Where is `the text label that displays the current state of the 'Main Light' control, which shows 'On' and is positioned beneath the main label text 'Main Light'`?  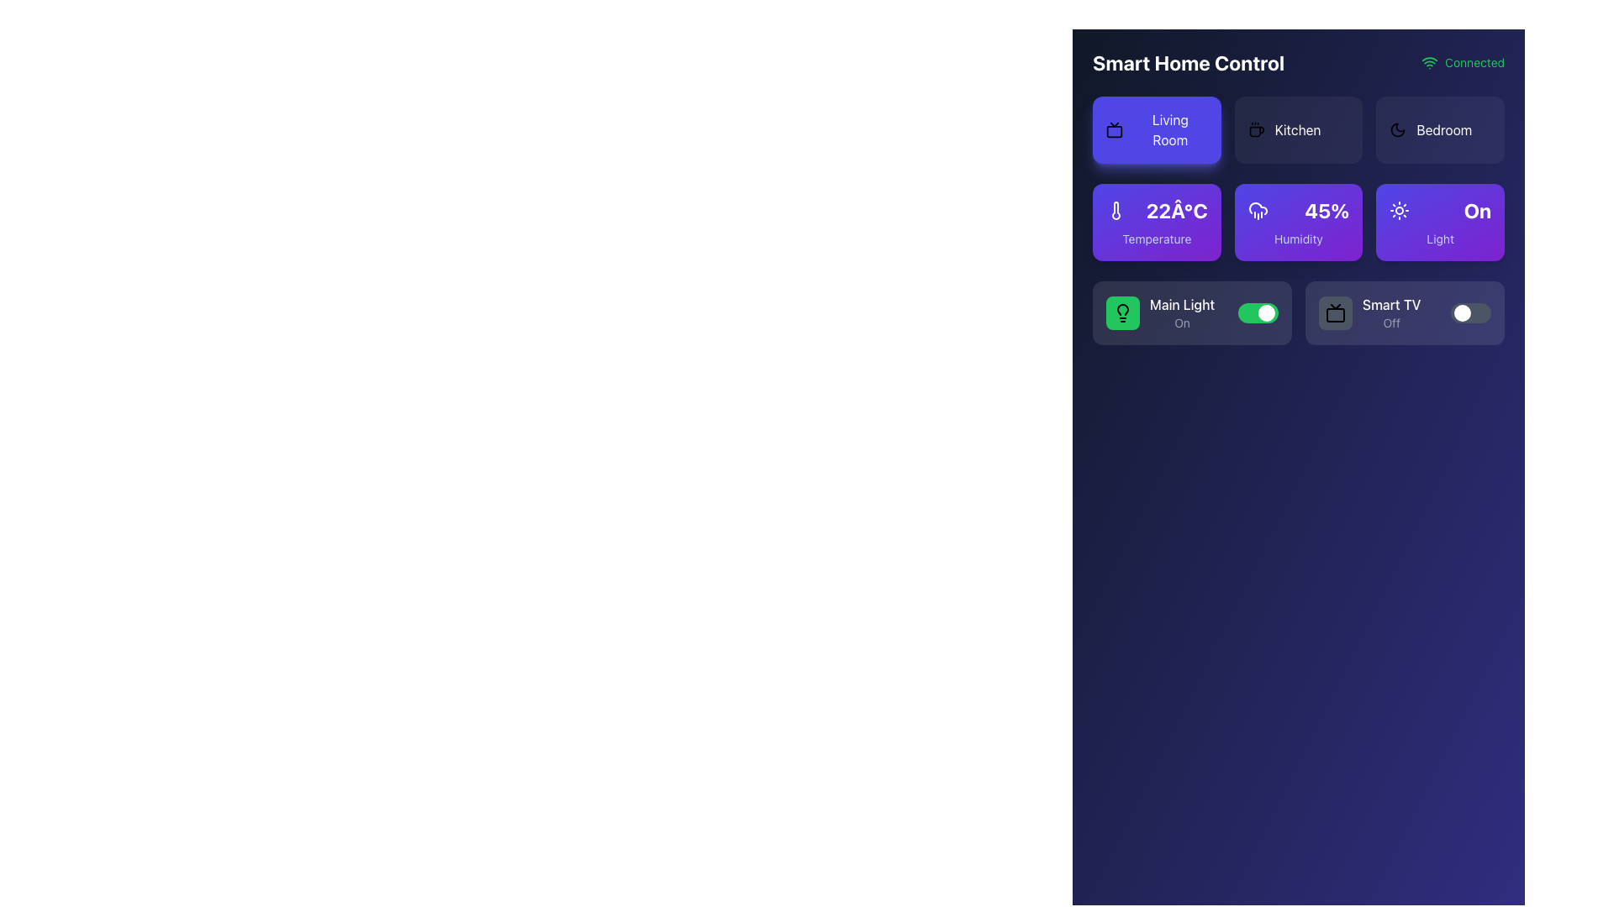
the text label that displays the current state of the 'Main Light' control, which shows 'On' and is positioned beneath the main label text 'Main Light' is located at coordinates (1181, 323).